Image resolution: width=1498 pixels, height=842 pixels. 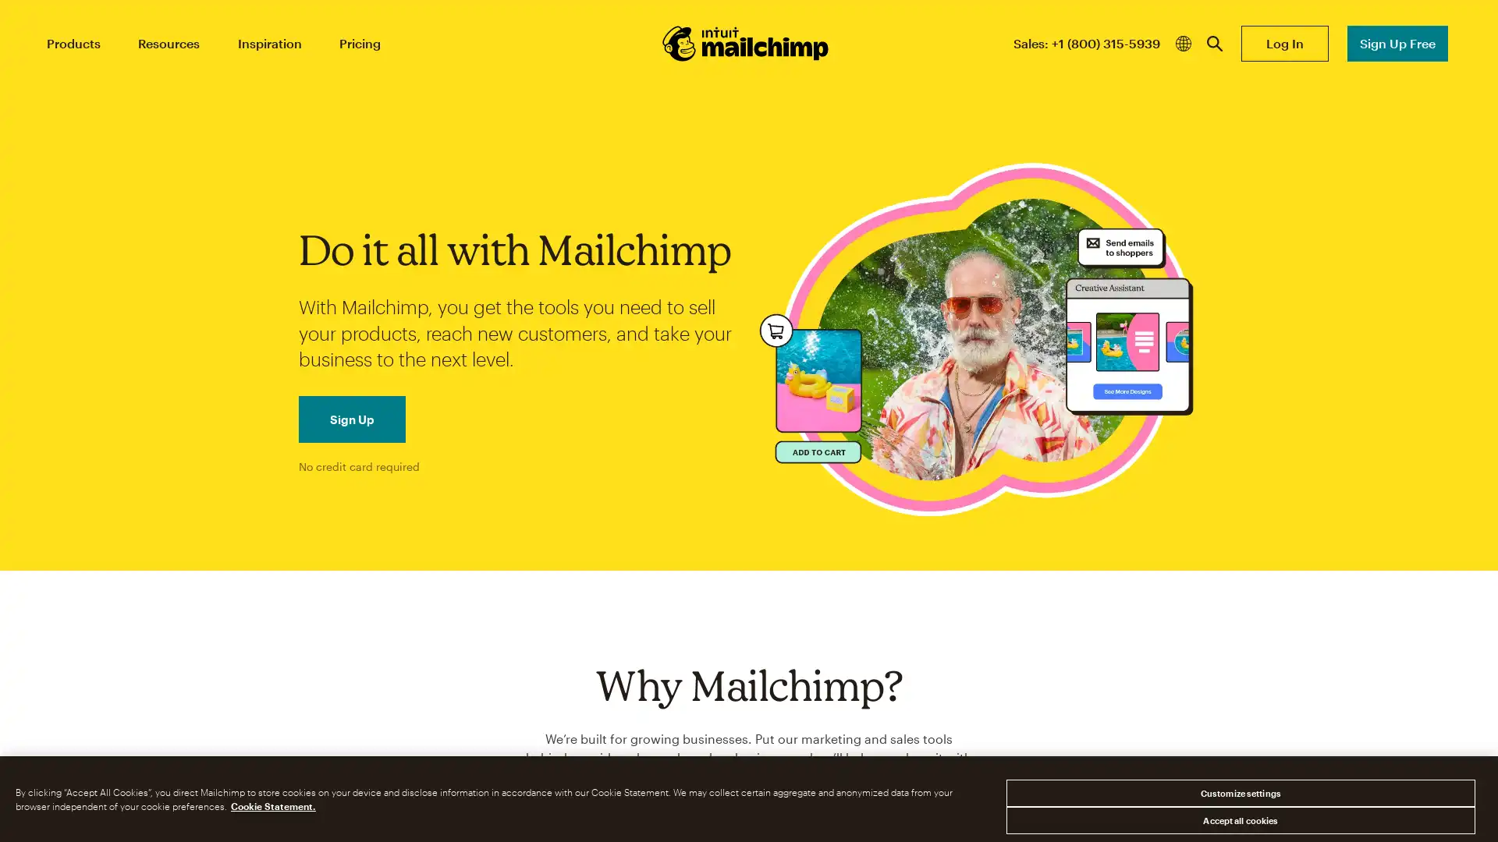 What do you see at coordinates (1239, 793) in the screenshot?
I see `Customize settings` at bounding box center [1239, 793].